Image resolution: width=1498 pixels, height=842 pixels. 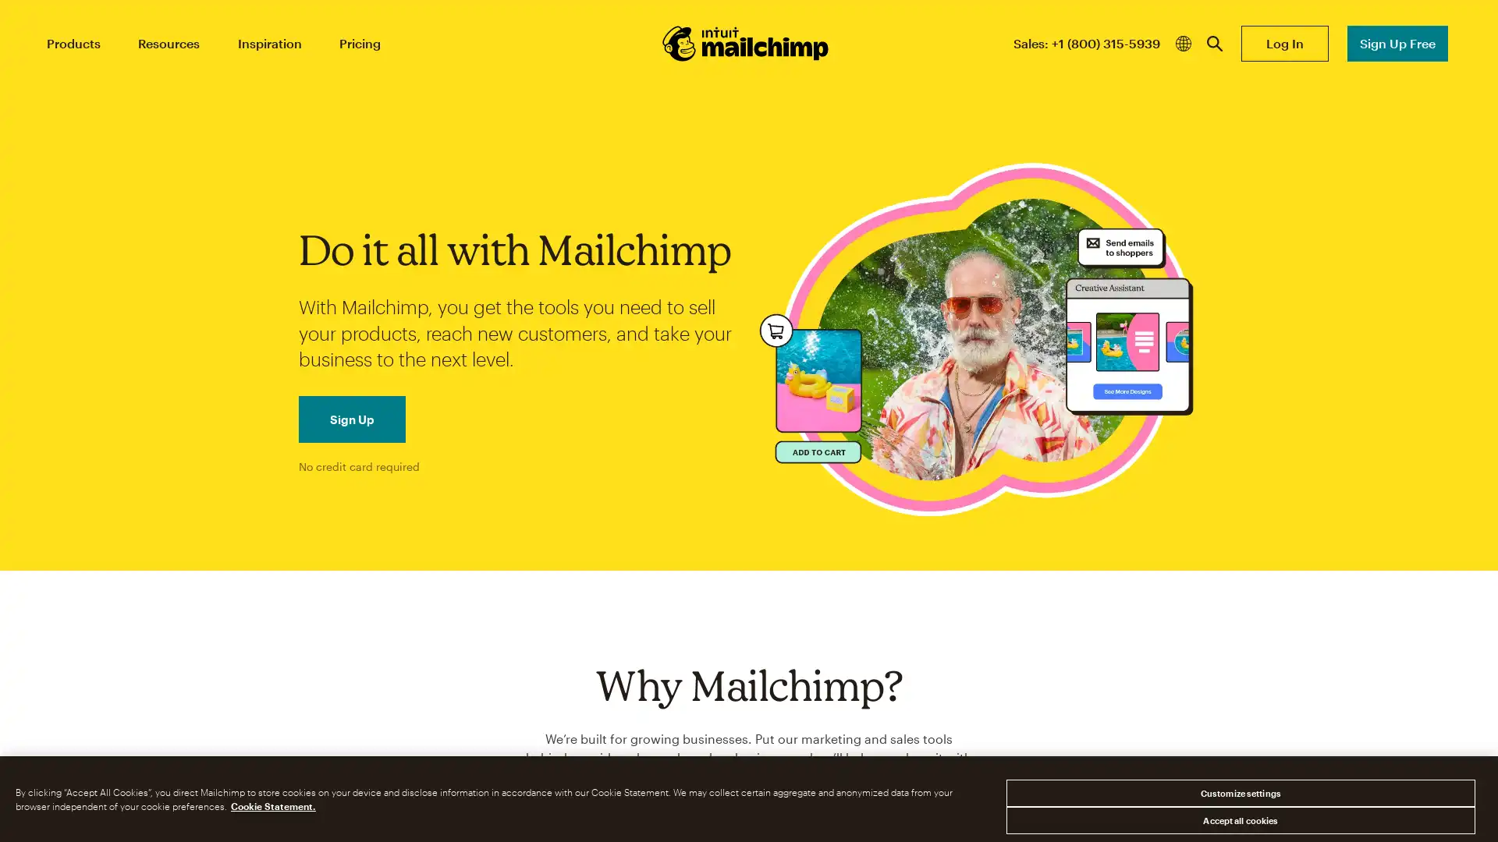 What do you see at coordinates (1239, 793) in the screenshot?
I see `Customize settings` at bounding box center [1239, 793].